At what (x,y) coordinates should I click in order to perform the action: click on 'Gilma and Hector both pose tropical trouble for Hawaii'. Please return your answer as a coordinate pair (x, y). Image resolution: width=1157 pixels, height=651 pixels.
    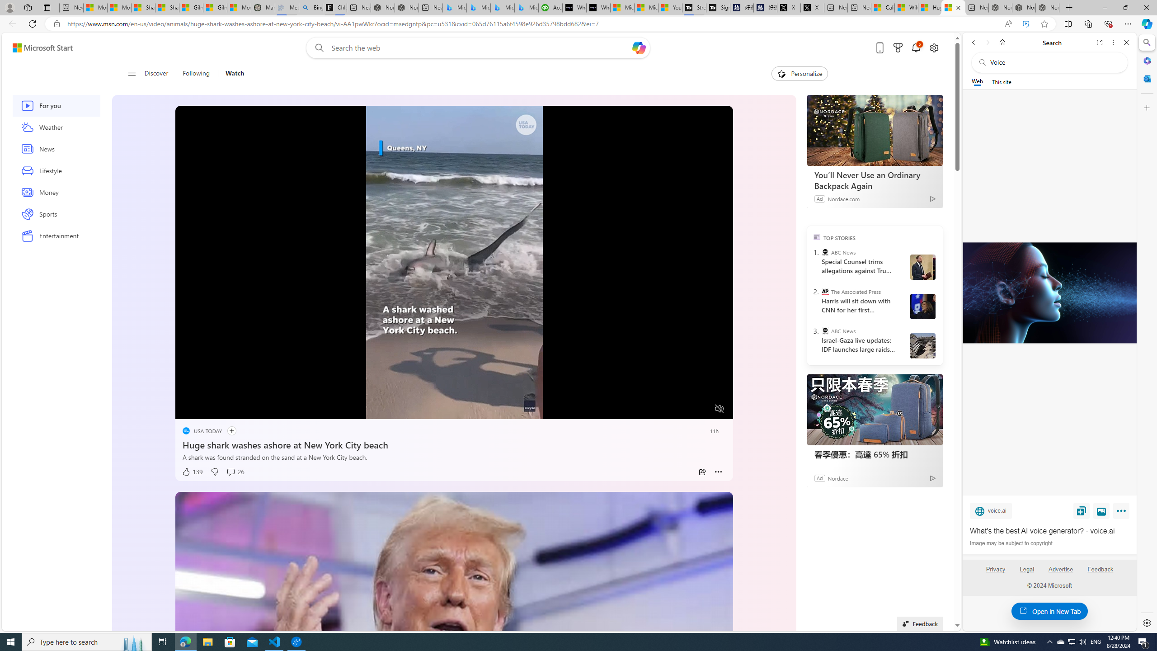
    Looking at the image, I should click on (215, 7).